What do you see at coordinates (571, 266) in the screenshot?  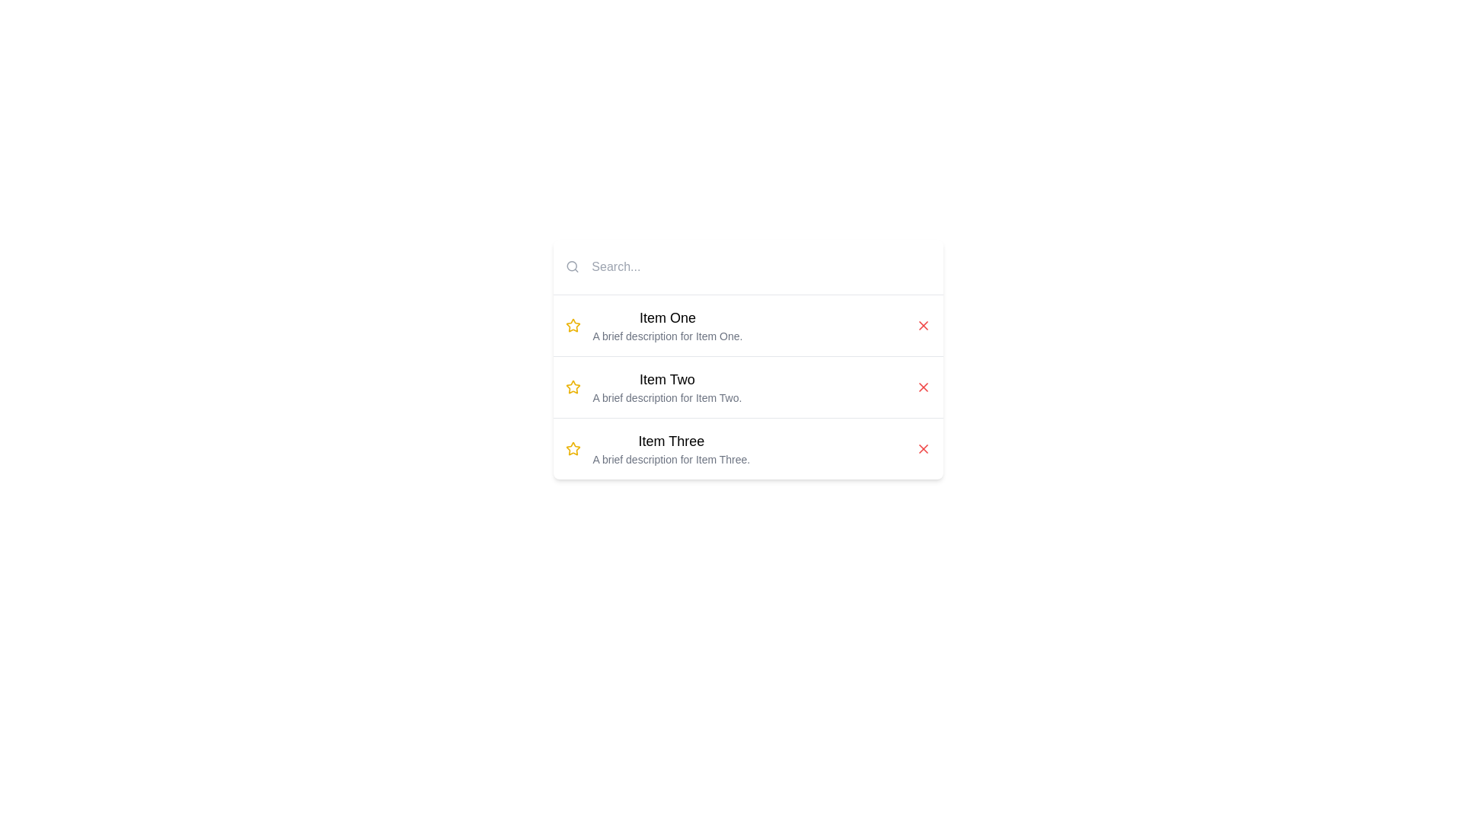 I see `the decorative SVG circle within the magnifying-glass icon, which represents the search functionality, located at the top-left corner of the interface` at bounding box center [571, 266].